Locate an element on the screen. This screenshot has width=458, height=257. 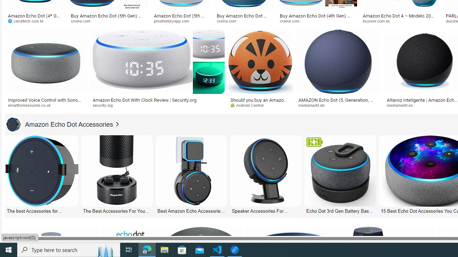
'pricehistoryapp.com' is located at coordinates (174, 20).